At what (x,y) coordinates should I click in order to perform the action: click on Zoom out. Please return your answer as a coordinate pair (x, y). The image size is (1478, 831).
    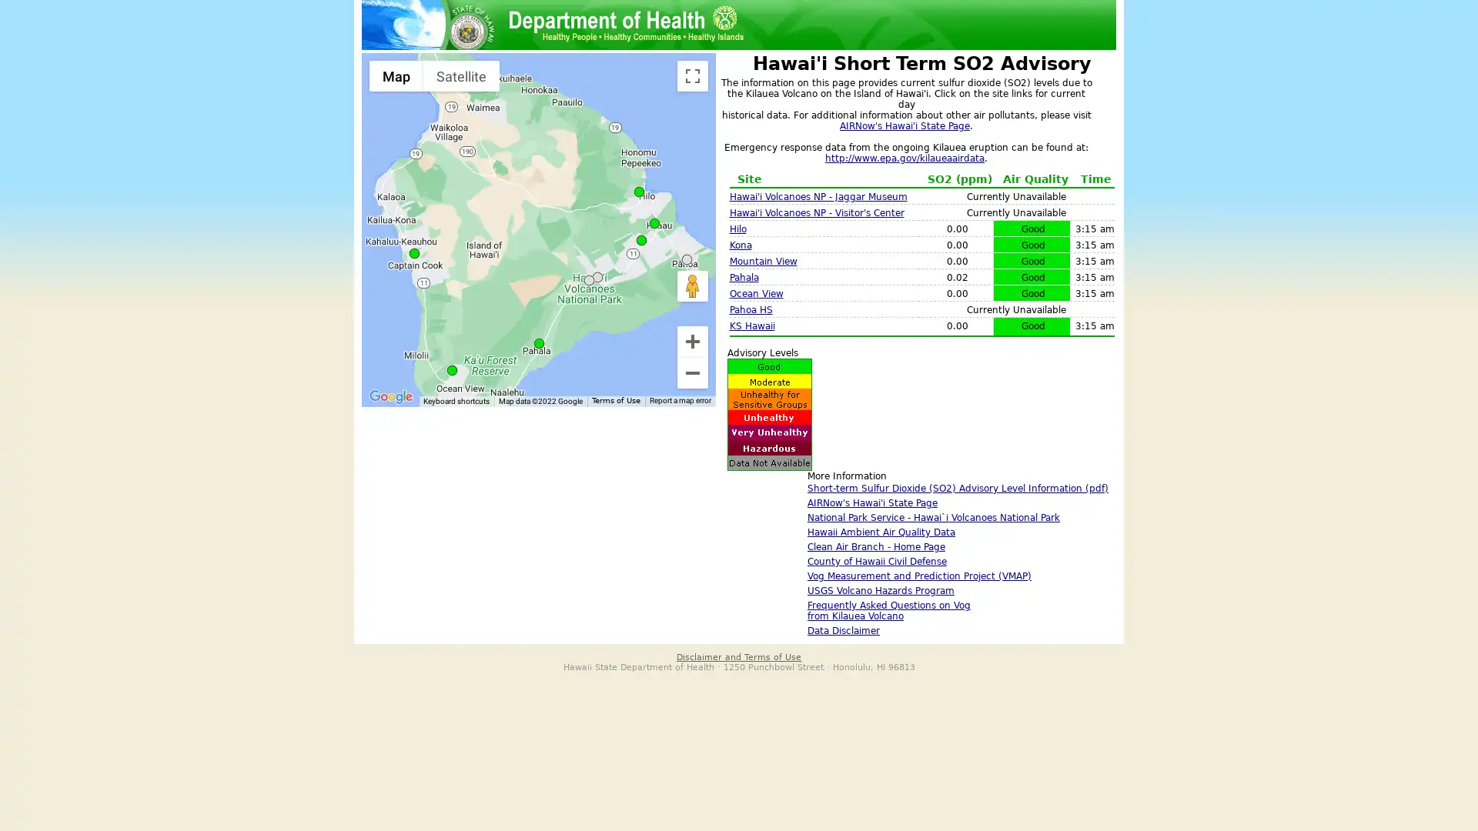
    Looking at the image, I should click on (692, 373).